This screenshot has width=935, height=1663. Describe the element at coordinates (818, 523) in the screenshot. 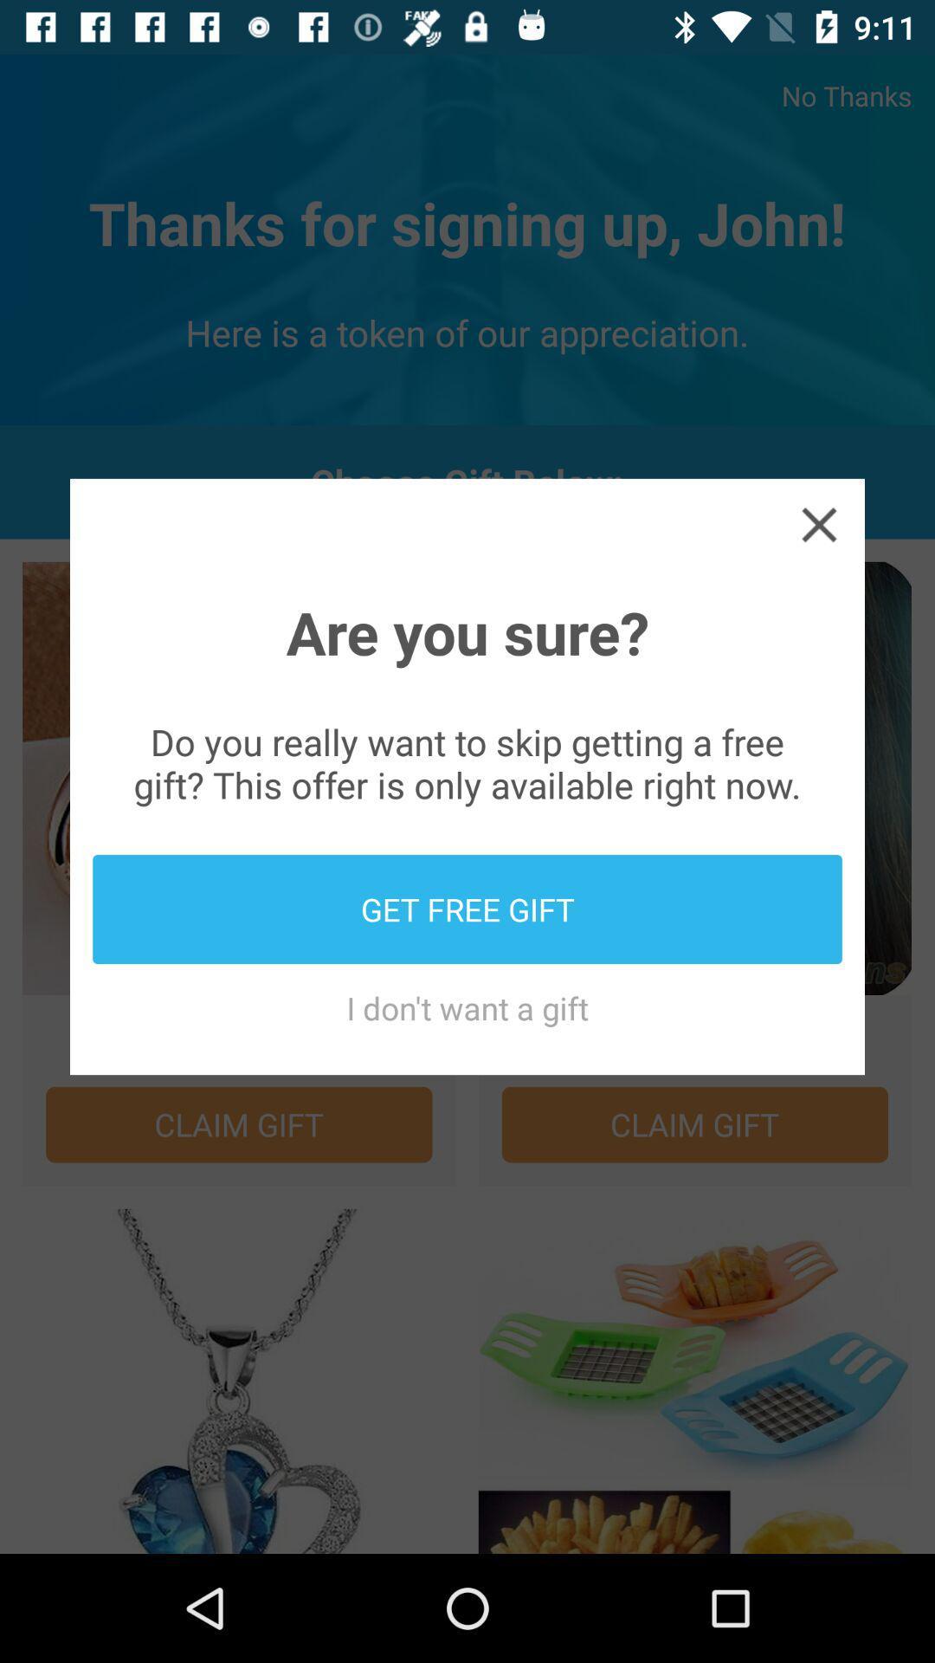

I see `dialogue box` at that location.